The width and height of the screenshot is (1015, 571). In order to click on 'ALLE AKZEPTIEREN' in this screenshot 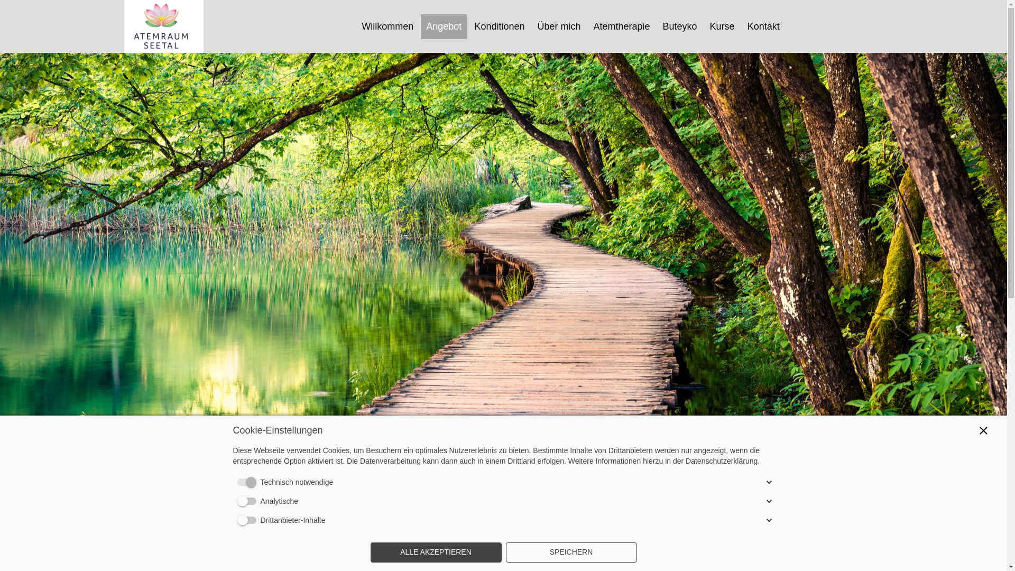, I will do `click(436, 552)`.